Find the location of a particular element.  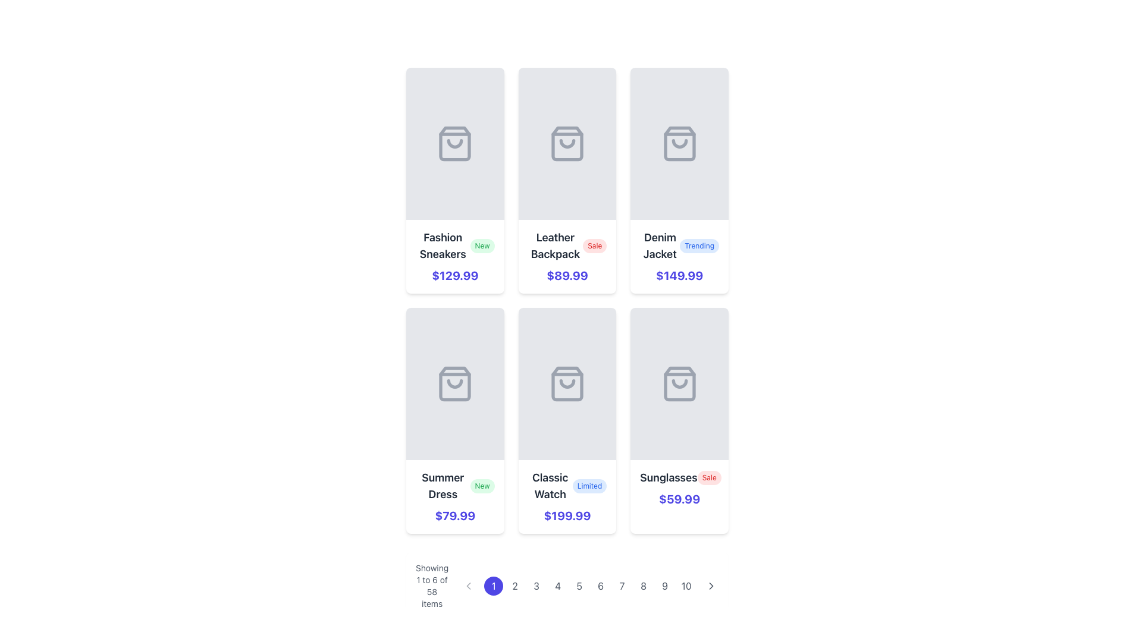

the pagination button labeled '9' is located at coordinates (664, 586).